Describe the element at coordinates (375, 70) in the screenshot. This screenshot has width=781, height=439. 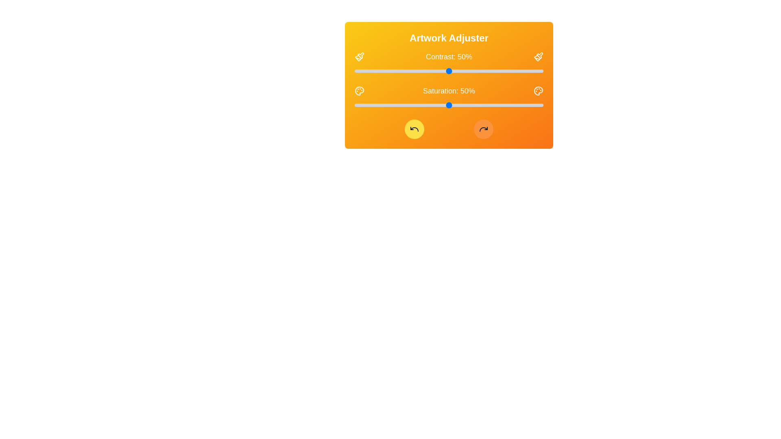
I see `the contrast slider to 11%` at that location.